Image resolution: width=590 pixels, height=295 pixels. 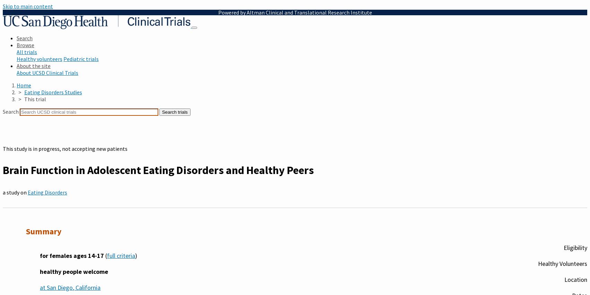 What do you see at coordinates (71, 255) in the screenshot?
I see `'for females ages 14-17'` at bounding box center [71, 255].